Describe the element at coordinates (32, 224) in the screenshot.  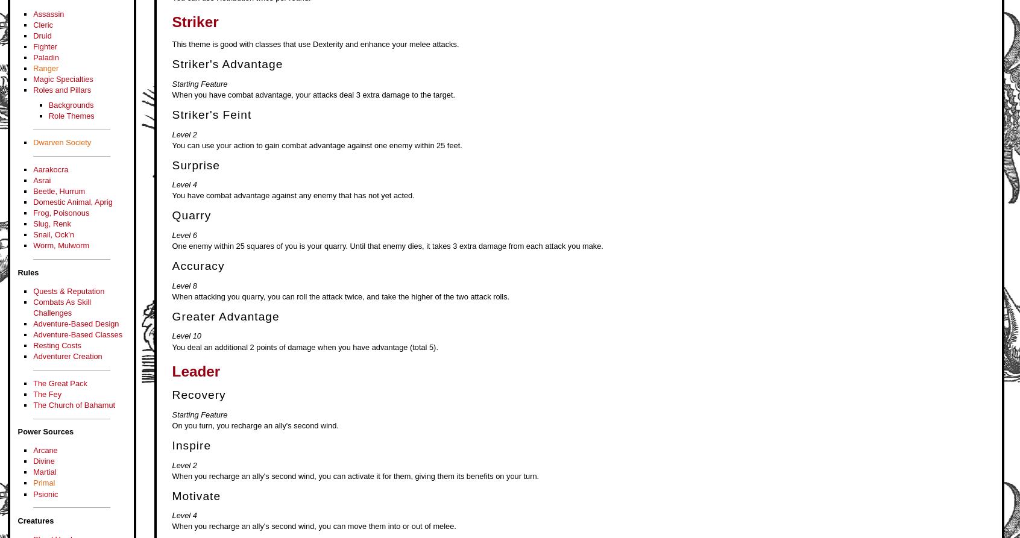
I see `'Slug, Renk'` at that location.